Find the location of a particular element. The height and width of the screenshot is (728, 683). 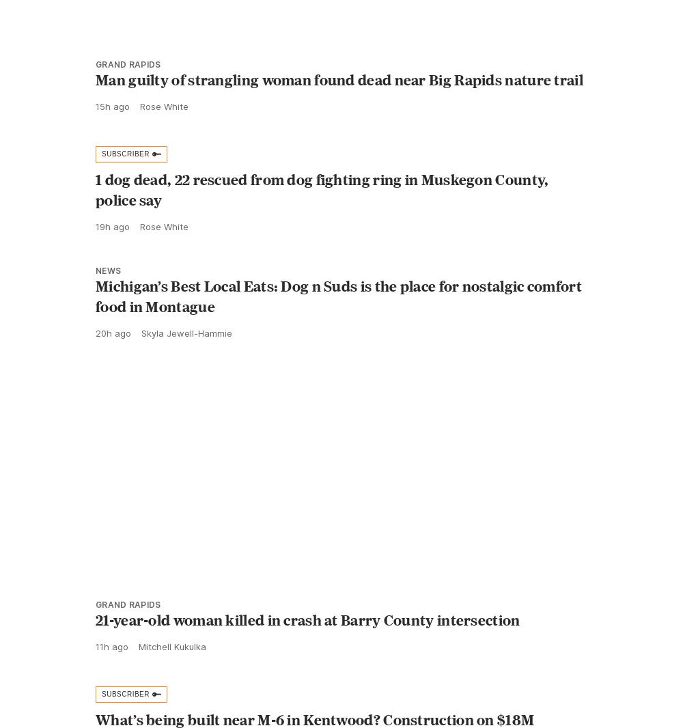

'21-year-old woman killed in crash at Barry County intersection' is located at coordinates (96, 650).